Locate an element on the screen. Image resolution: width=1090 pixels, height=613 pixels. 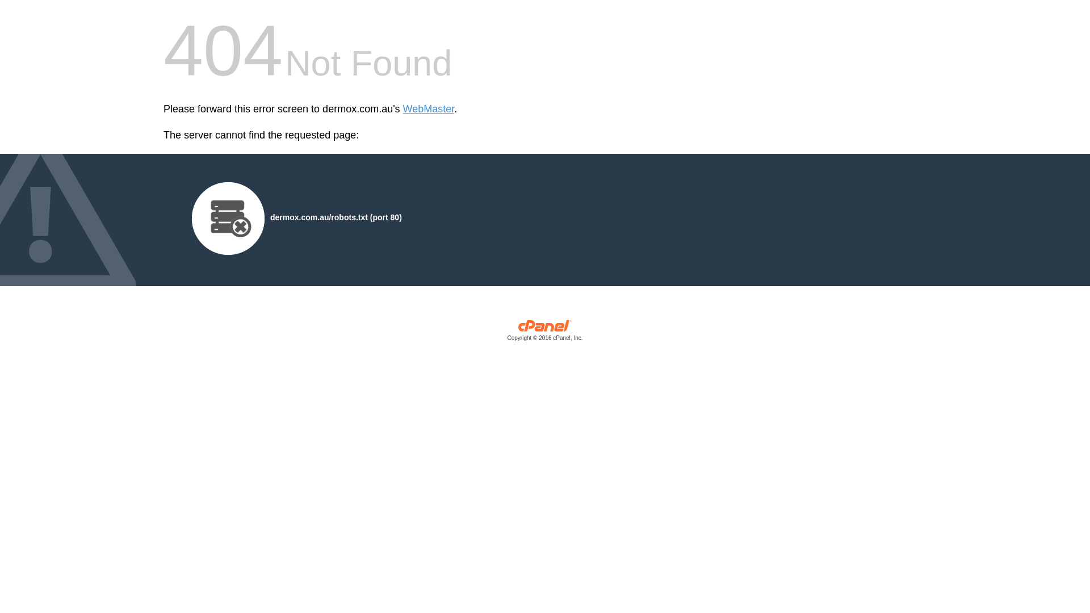
'WebMaster' is located at coordinates (428, 109).